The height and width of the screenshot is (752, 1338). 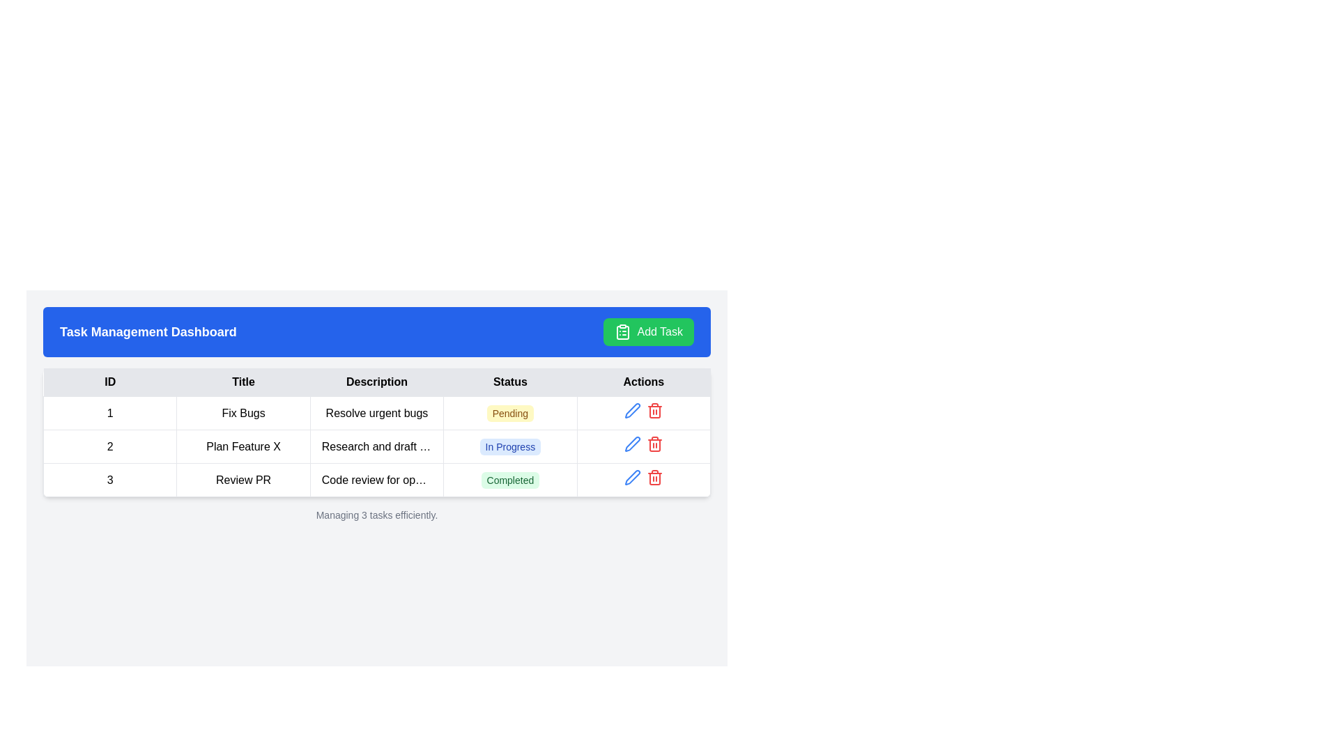 What do you see at coordinates (654, 410) in the screenshot?
I see `the delete button located in the 'Actions' column of the third row in the task management table` at bounding box center [654, 410].